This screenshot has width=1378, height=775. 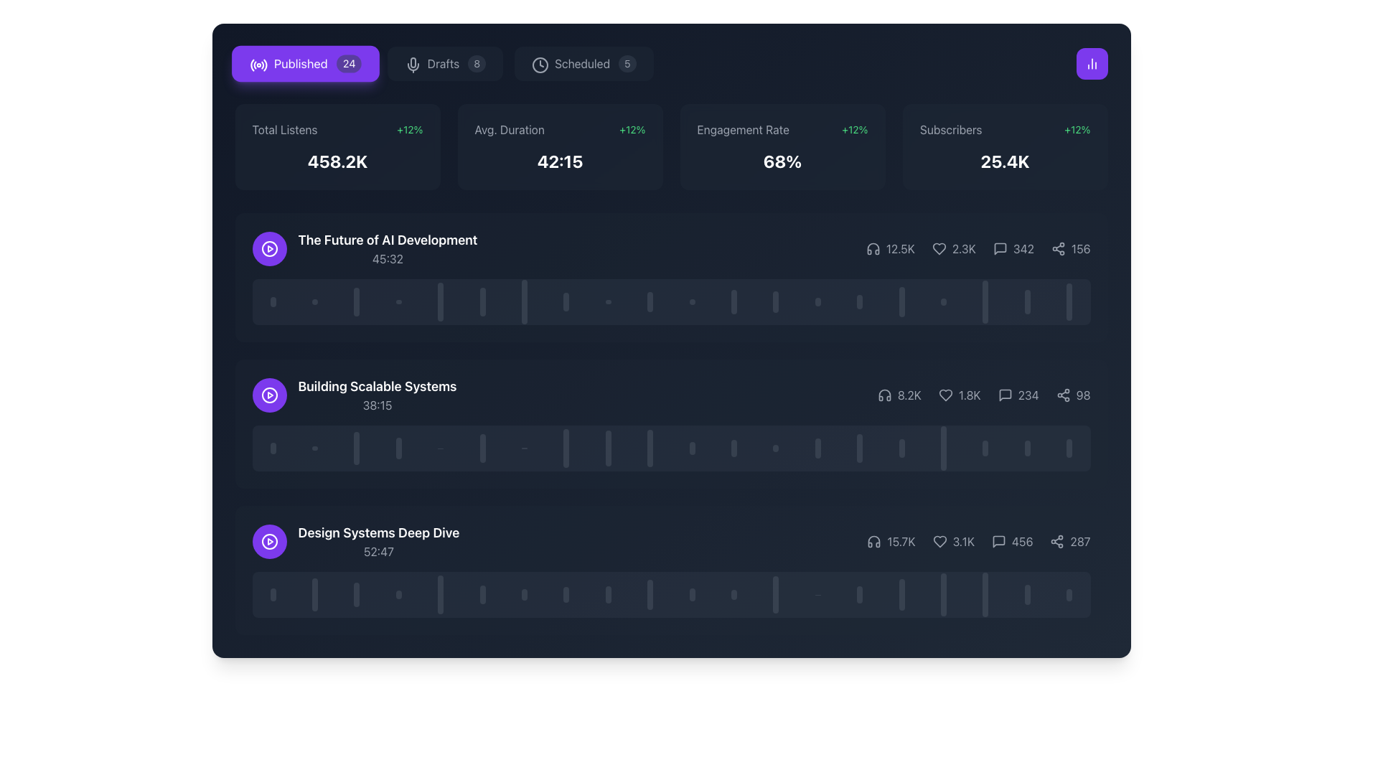 I want to click on the 15th progress indicator in a series of vertically elongated rectangular shapes with rounded ends, styled in gray with partial transparency, within a dark-themed interface, so click(x=860, y=447).